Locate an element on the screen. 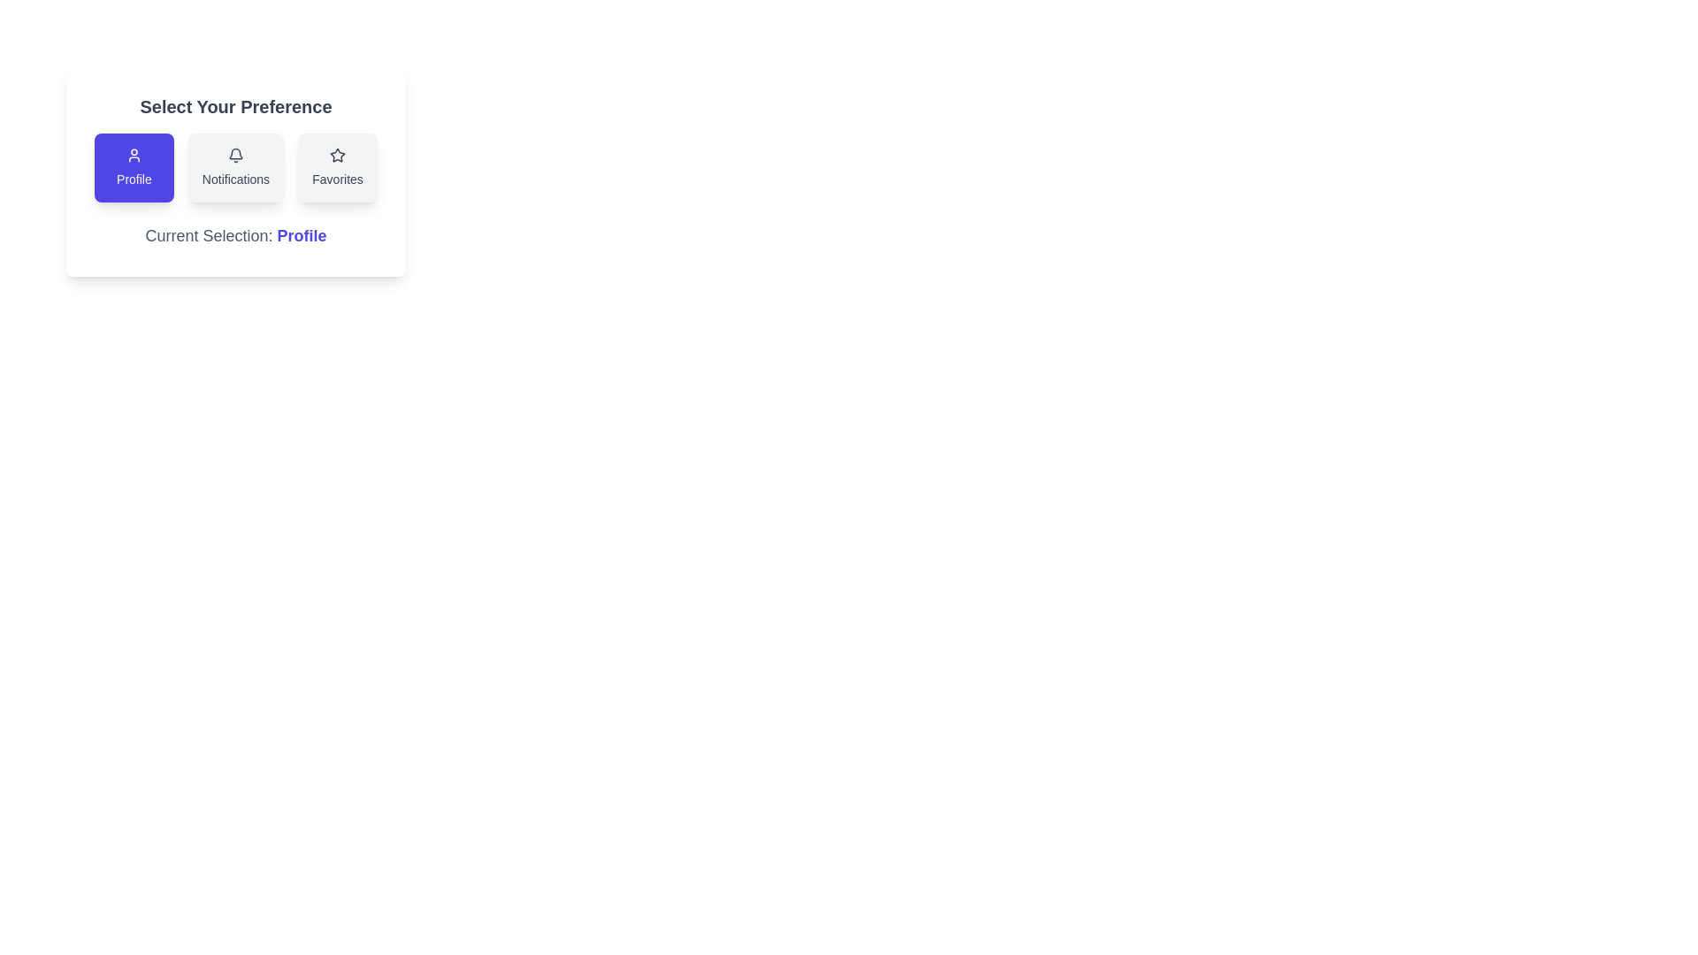  the 'Notifications' icon located in the second segment of the options in the 'Select Your Preference' interface, positioned between 'Profile' and 'Favorites' is located at coordinates (235, 153).